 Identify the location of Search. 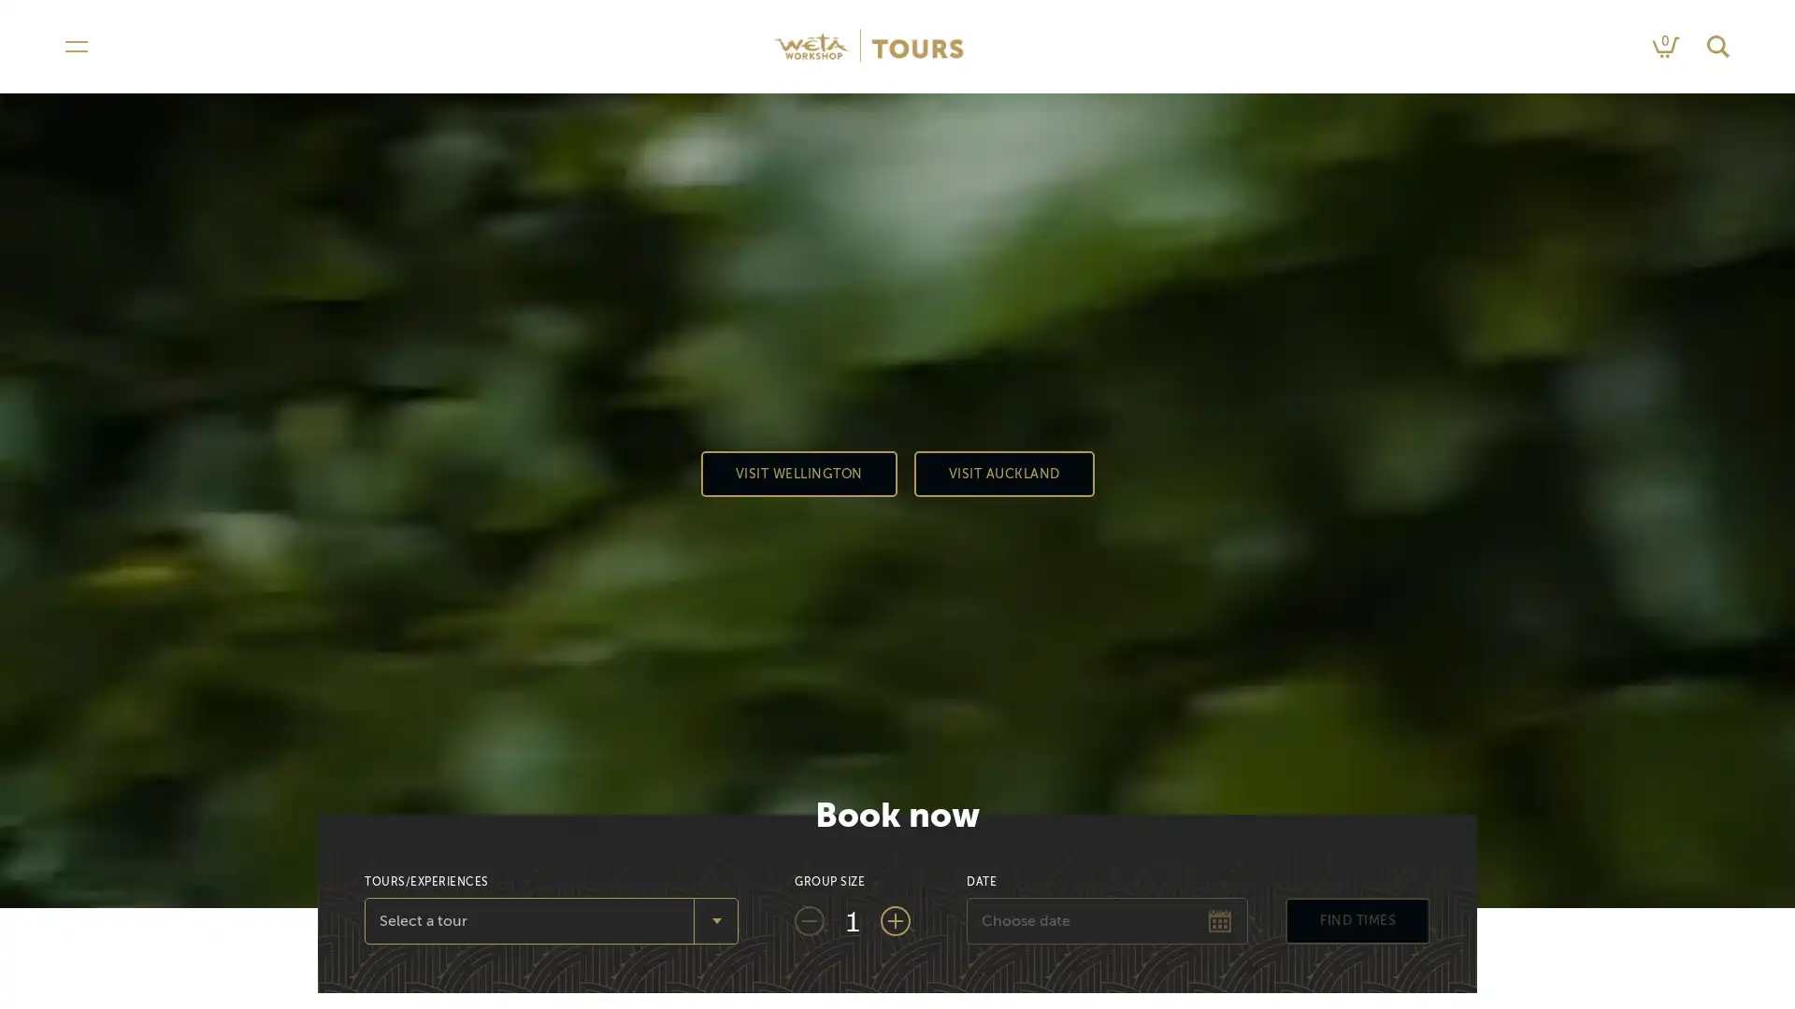
(1718, 46).